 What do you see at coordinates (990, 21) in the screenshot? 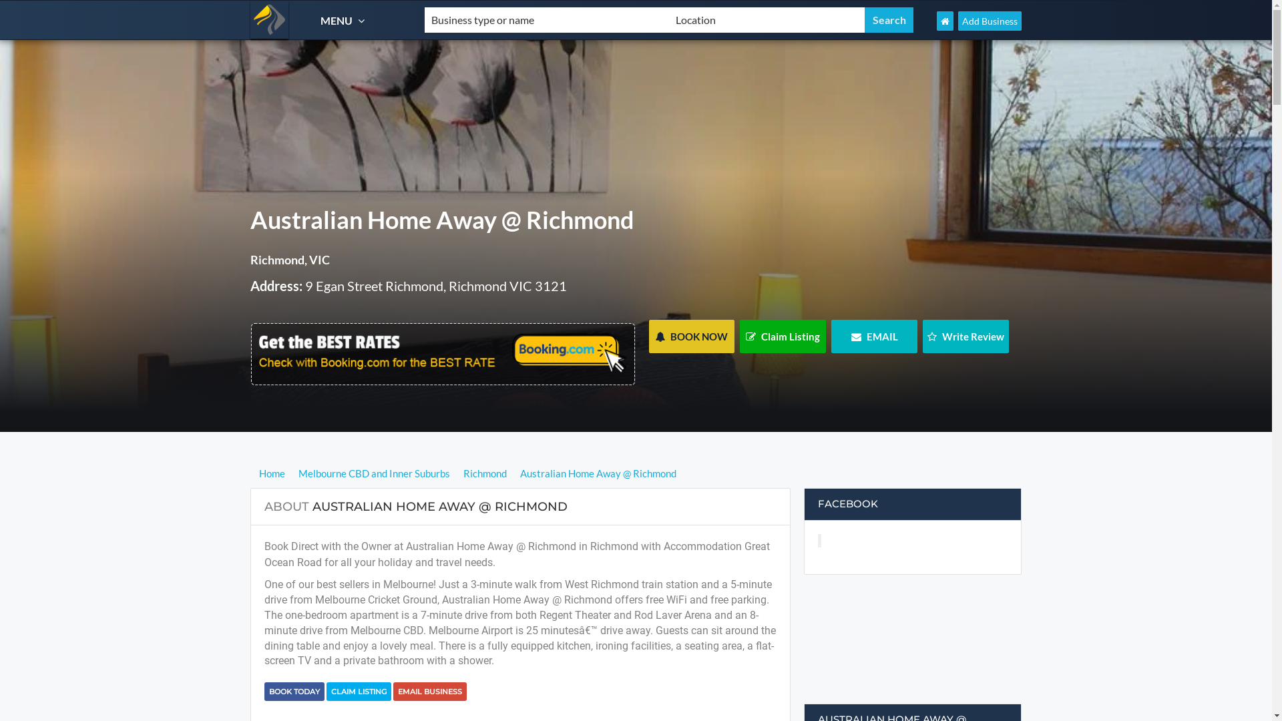
I see `'Add Business'` at bounding box center [990, 21].